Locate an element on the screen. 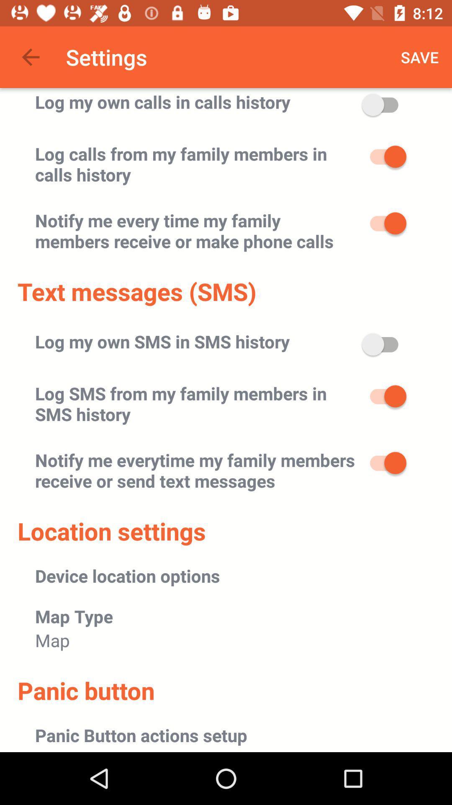  location settings icon is located at coordinates (111, 530).